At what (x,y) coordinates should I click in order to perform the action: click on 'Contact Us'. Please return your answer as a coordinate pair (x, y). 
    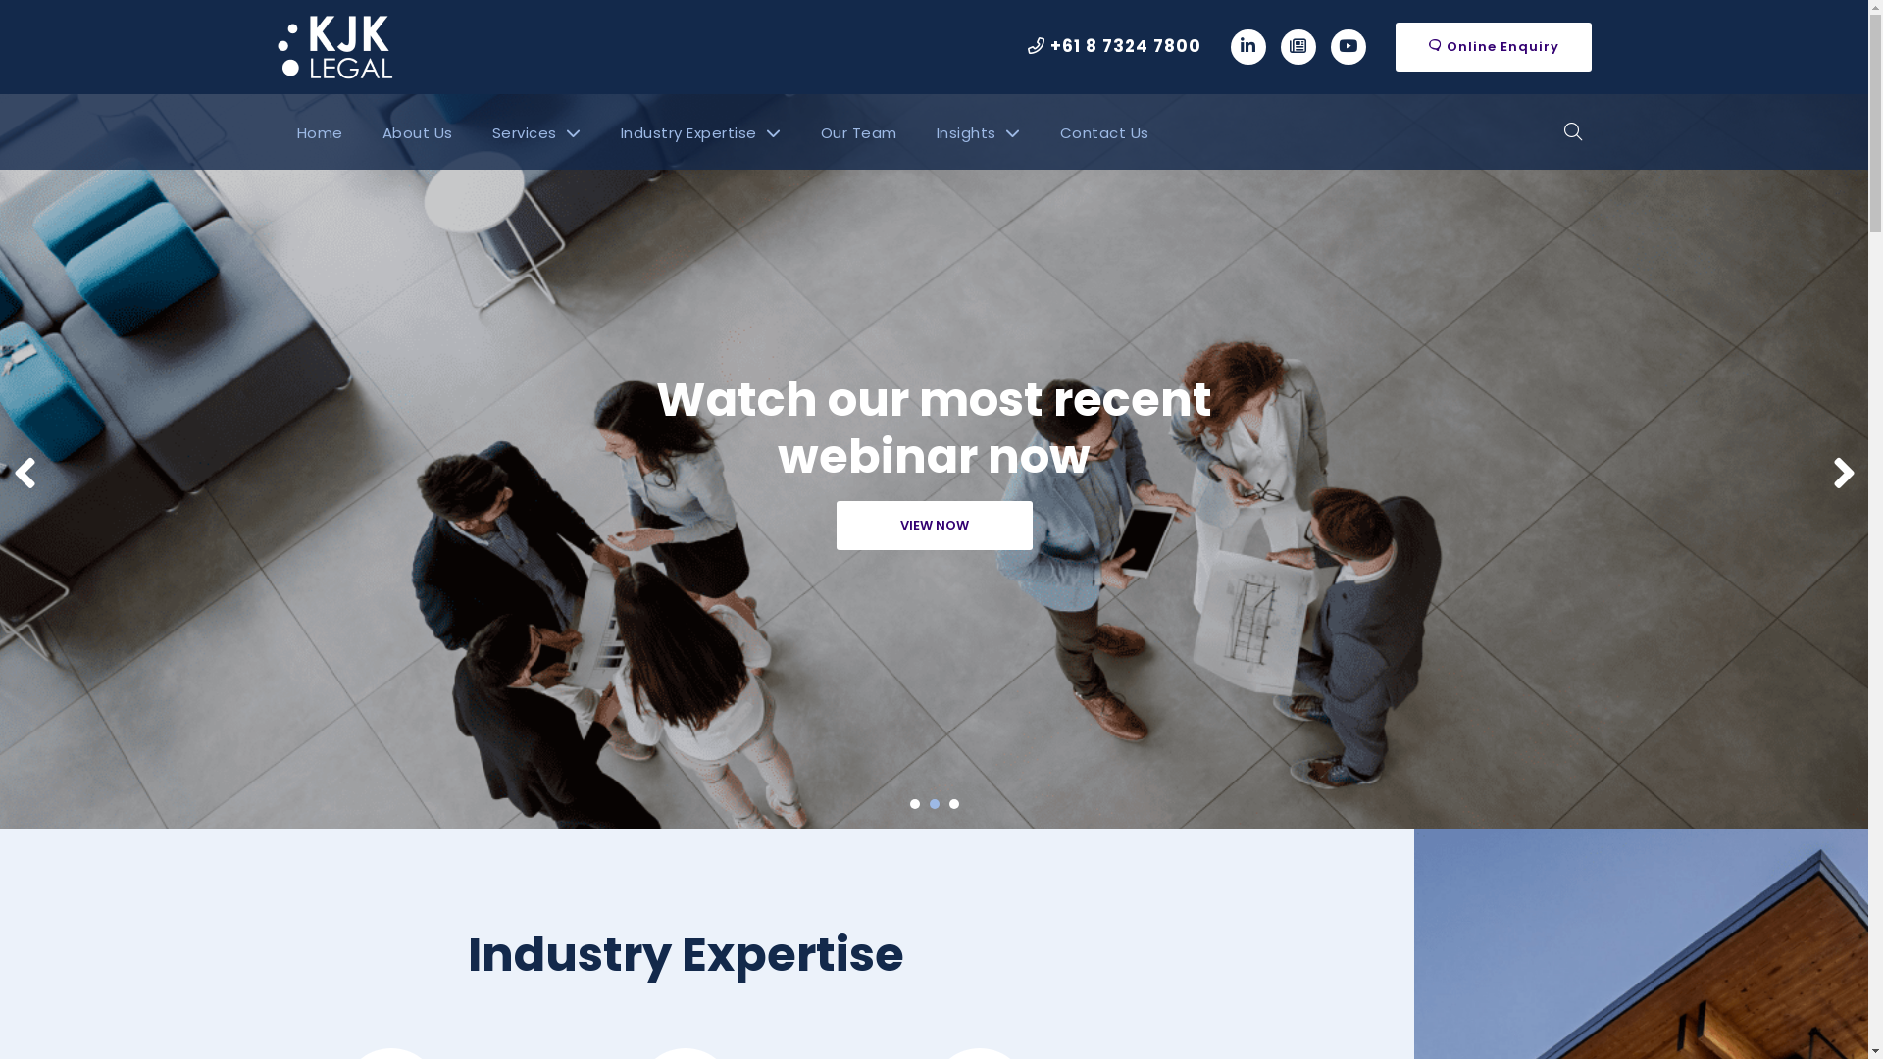
    Looking at the image, I should click on (1103, 132).